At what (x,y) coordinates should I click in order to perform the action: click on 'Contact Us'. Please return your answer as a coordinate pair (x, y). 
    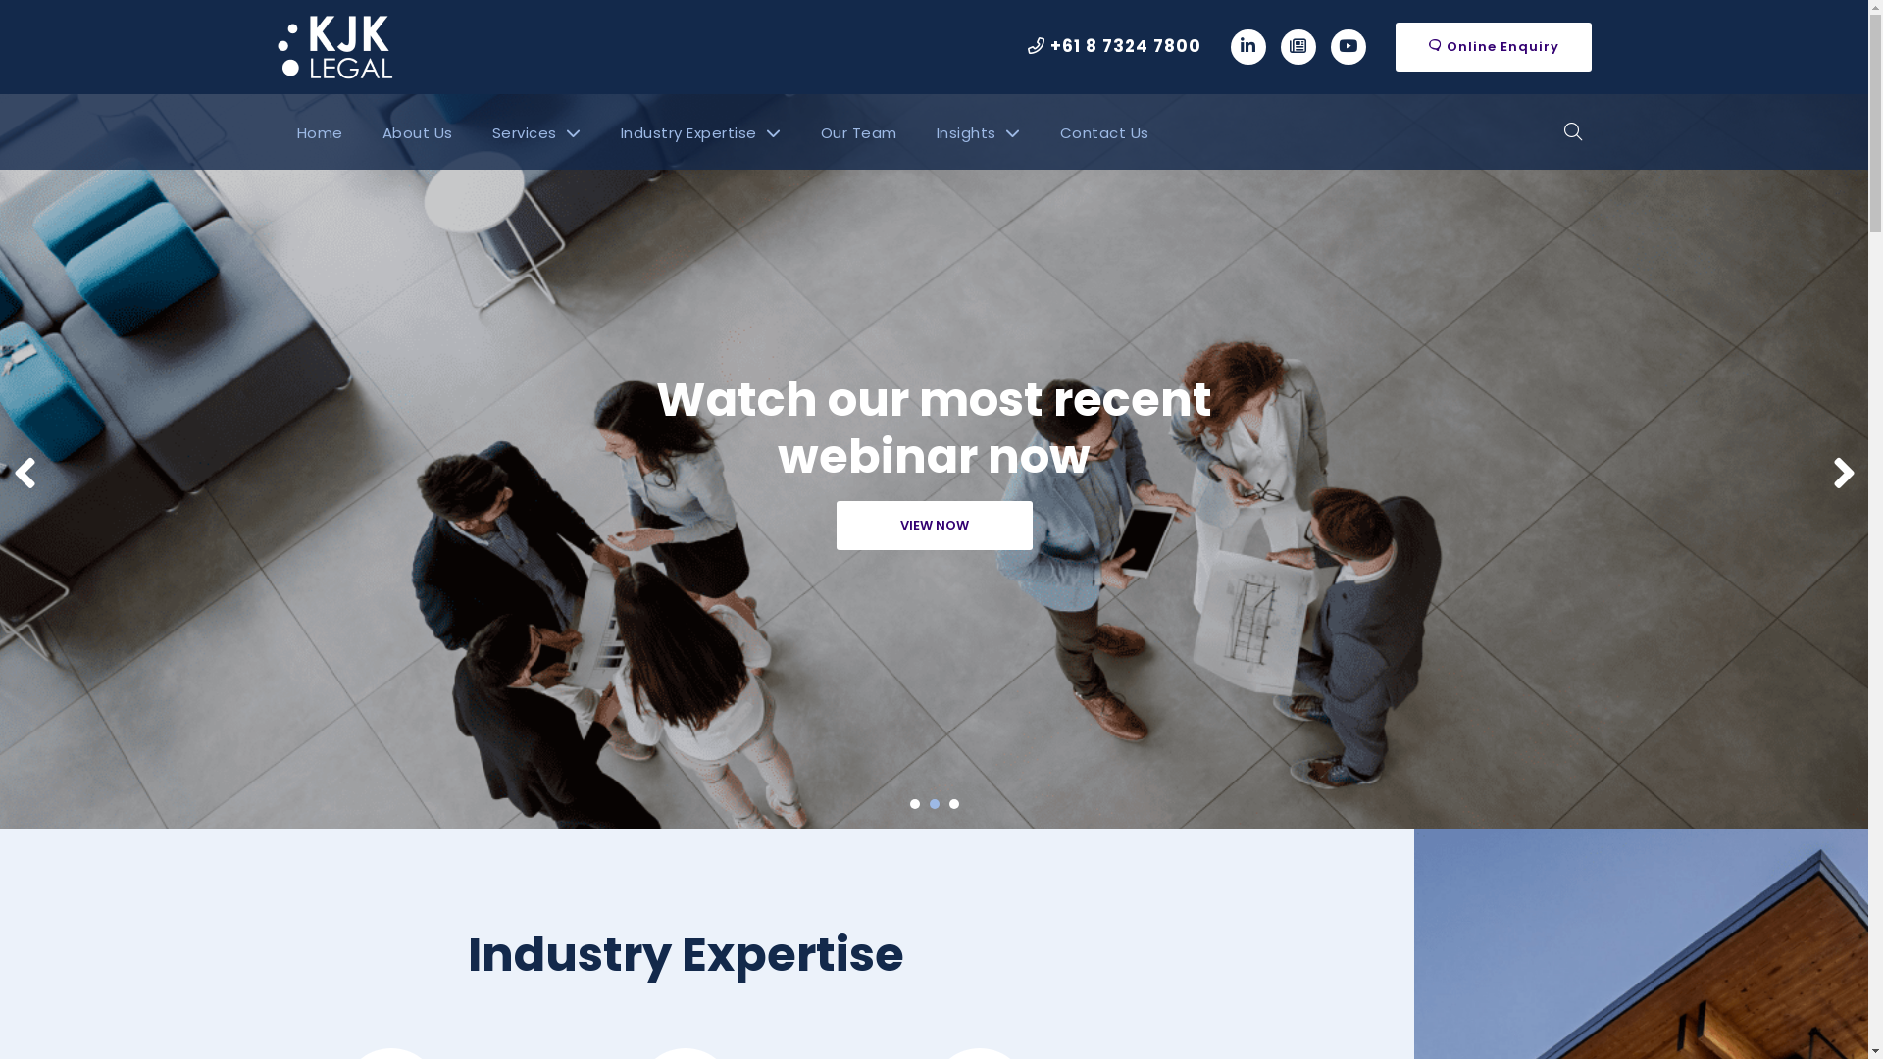
    Looking at the image, I should click on (1103, 132).